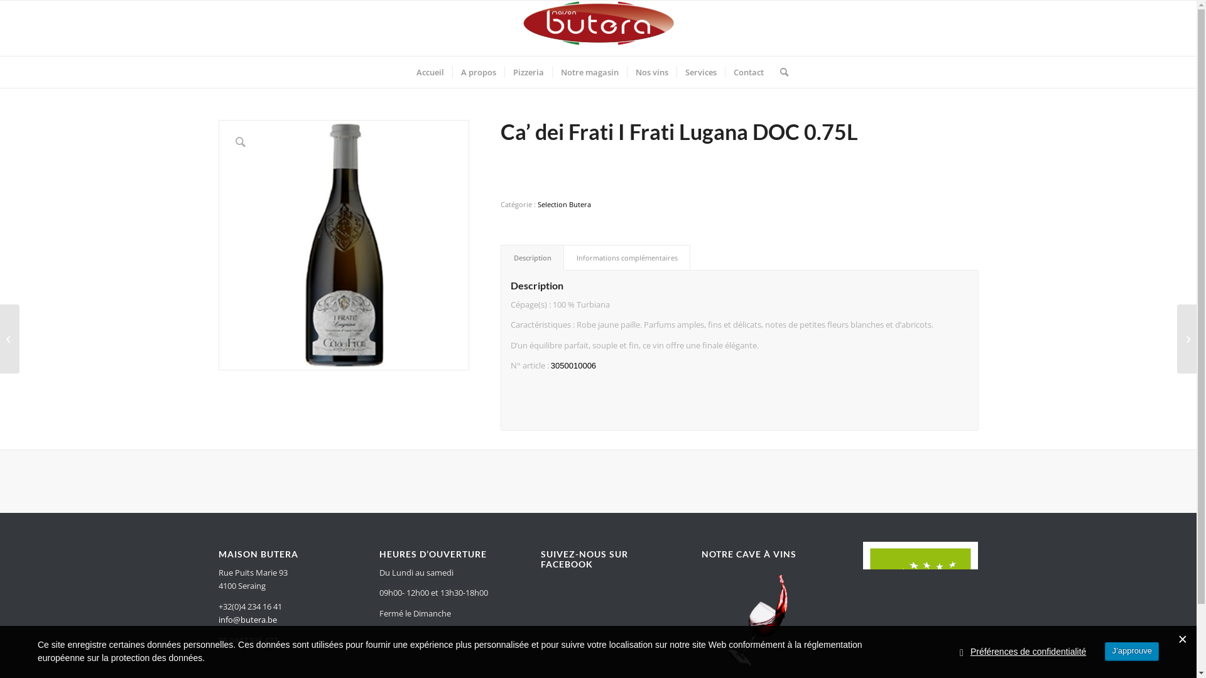  What do you see at coordinates (408, 72) in the screenshot?
I see `'Accueil'` at bounding box center [408, 72].